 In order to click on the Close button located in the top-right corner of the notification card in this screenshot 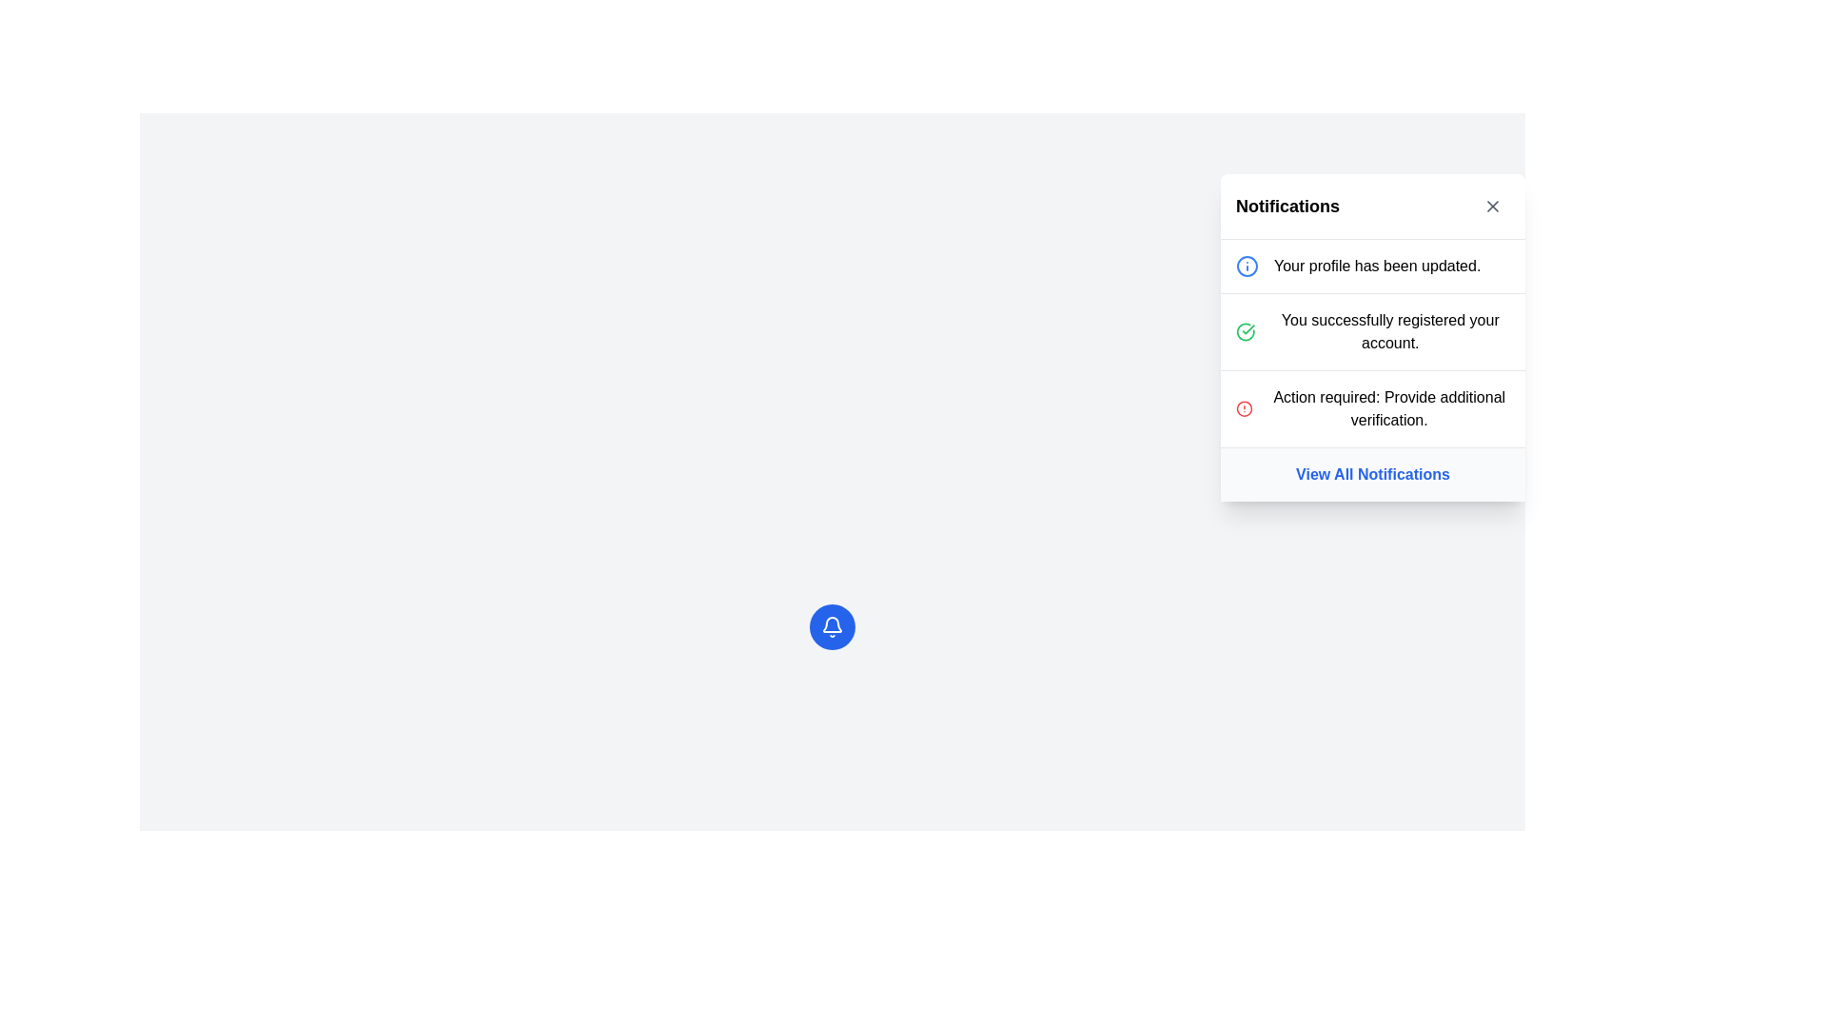, I will do `click(1492, 206)`.